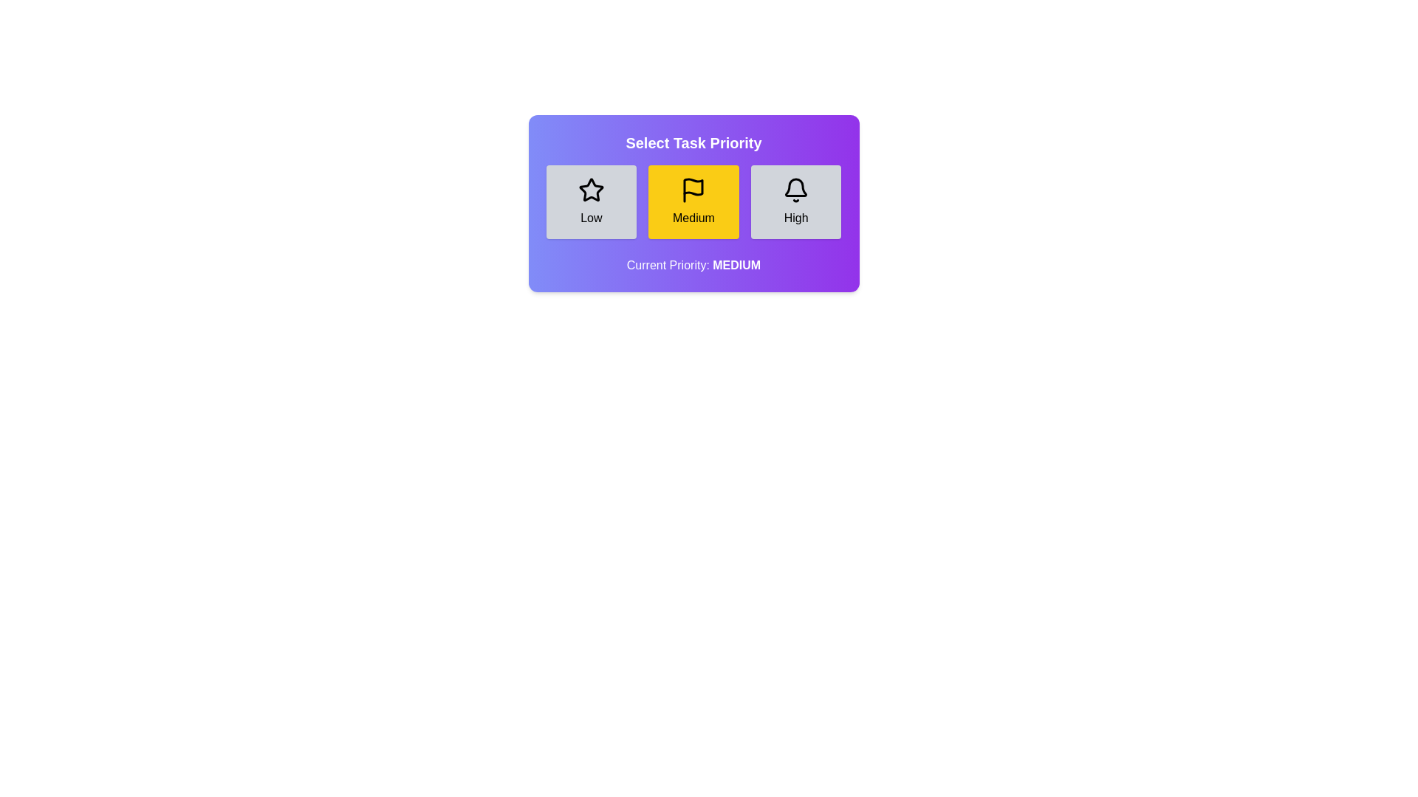 The height and width of the screenshot is (797, 1418). Describe the element at coordinates (591, 201) in the screenshot. I see `the priority button labeled Low to observe its hover effect` at that location.